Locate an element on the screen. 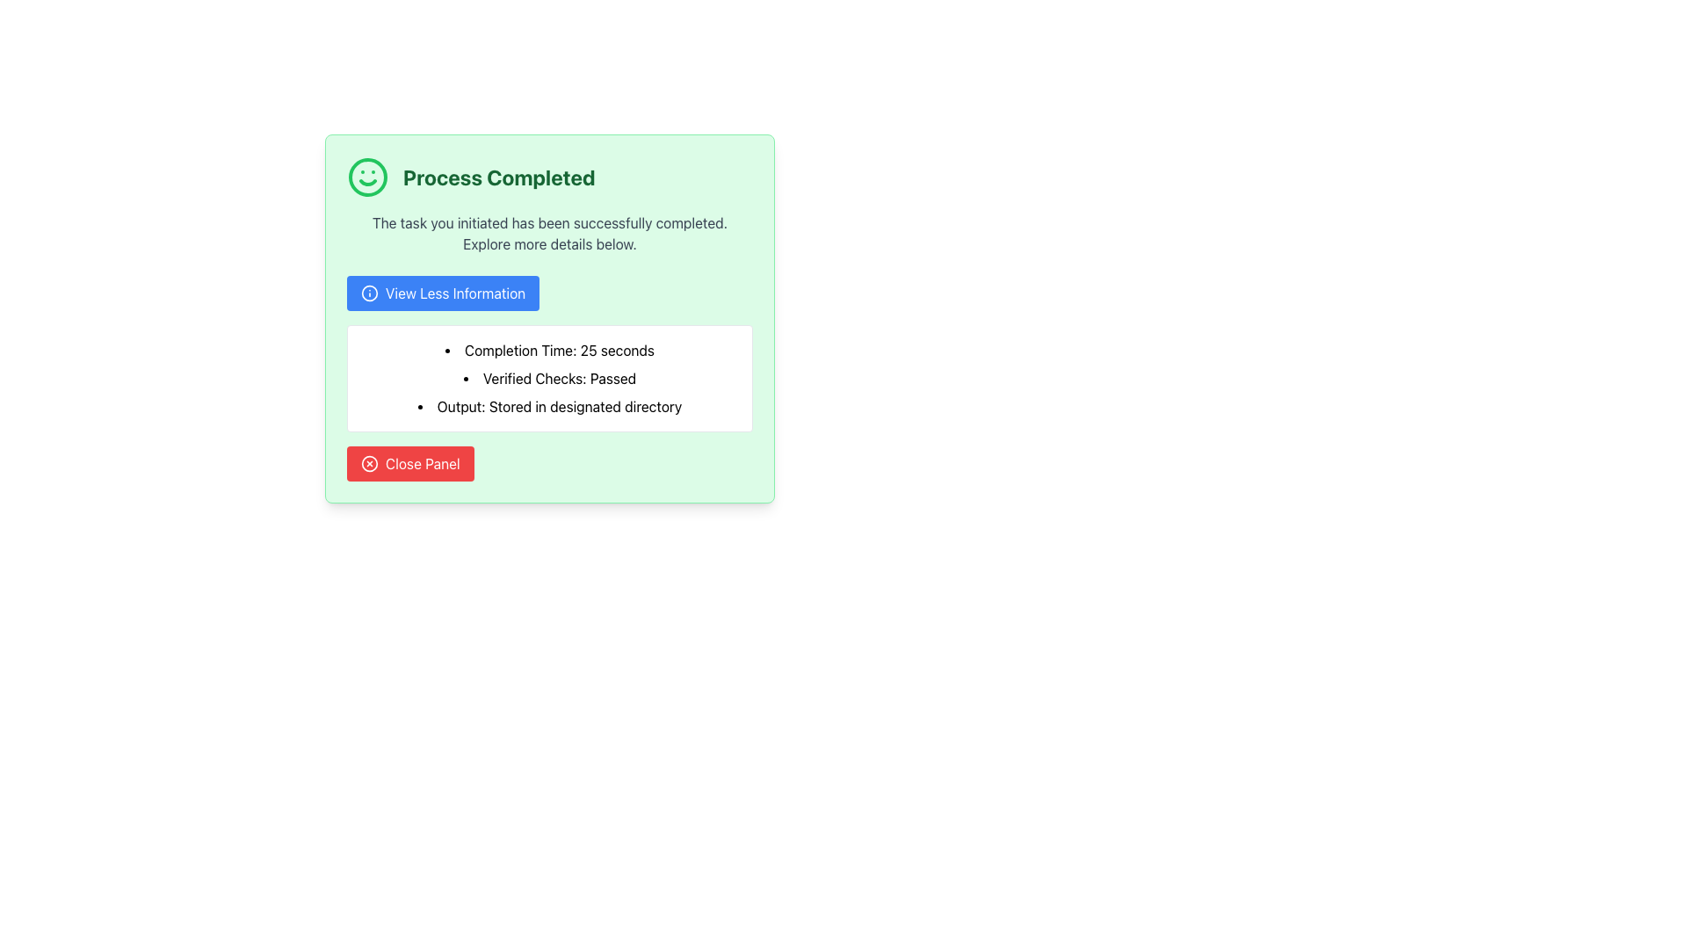 Image resolution: width=1687 pixels, height=949 pixels. the green circular smiley face icon located to the left of the bold text 'Process Completed' in the header section of the message box is located at coordinates (366, 177).